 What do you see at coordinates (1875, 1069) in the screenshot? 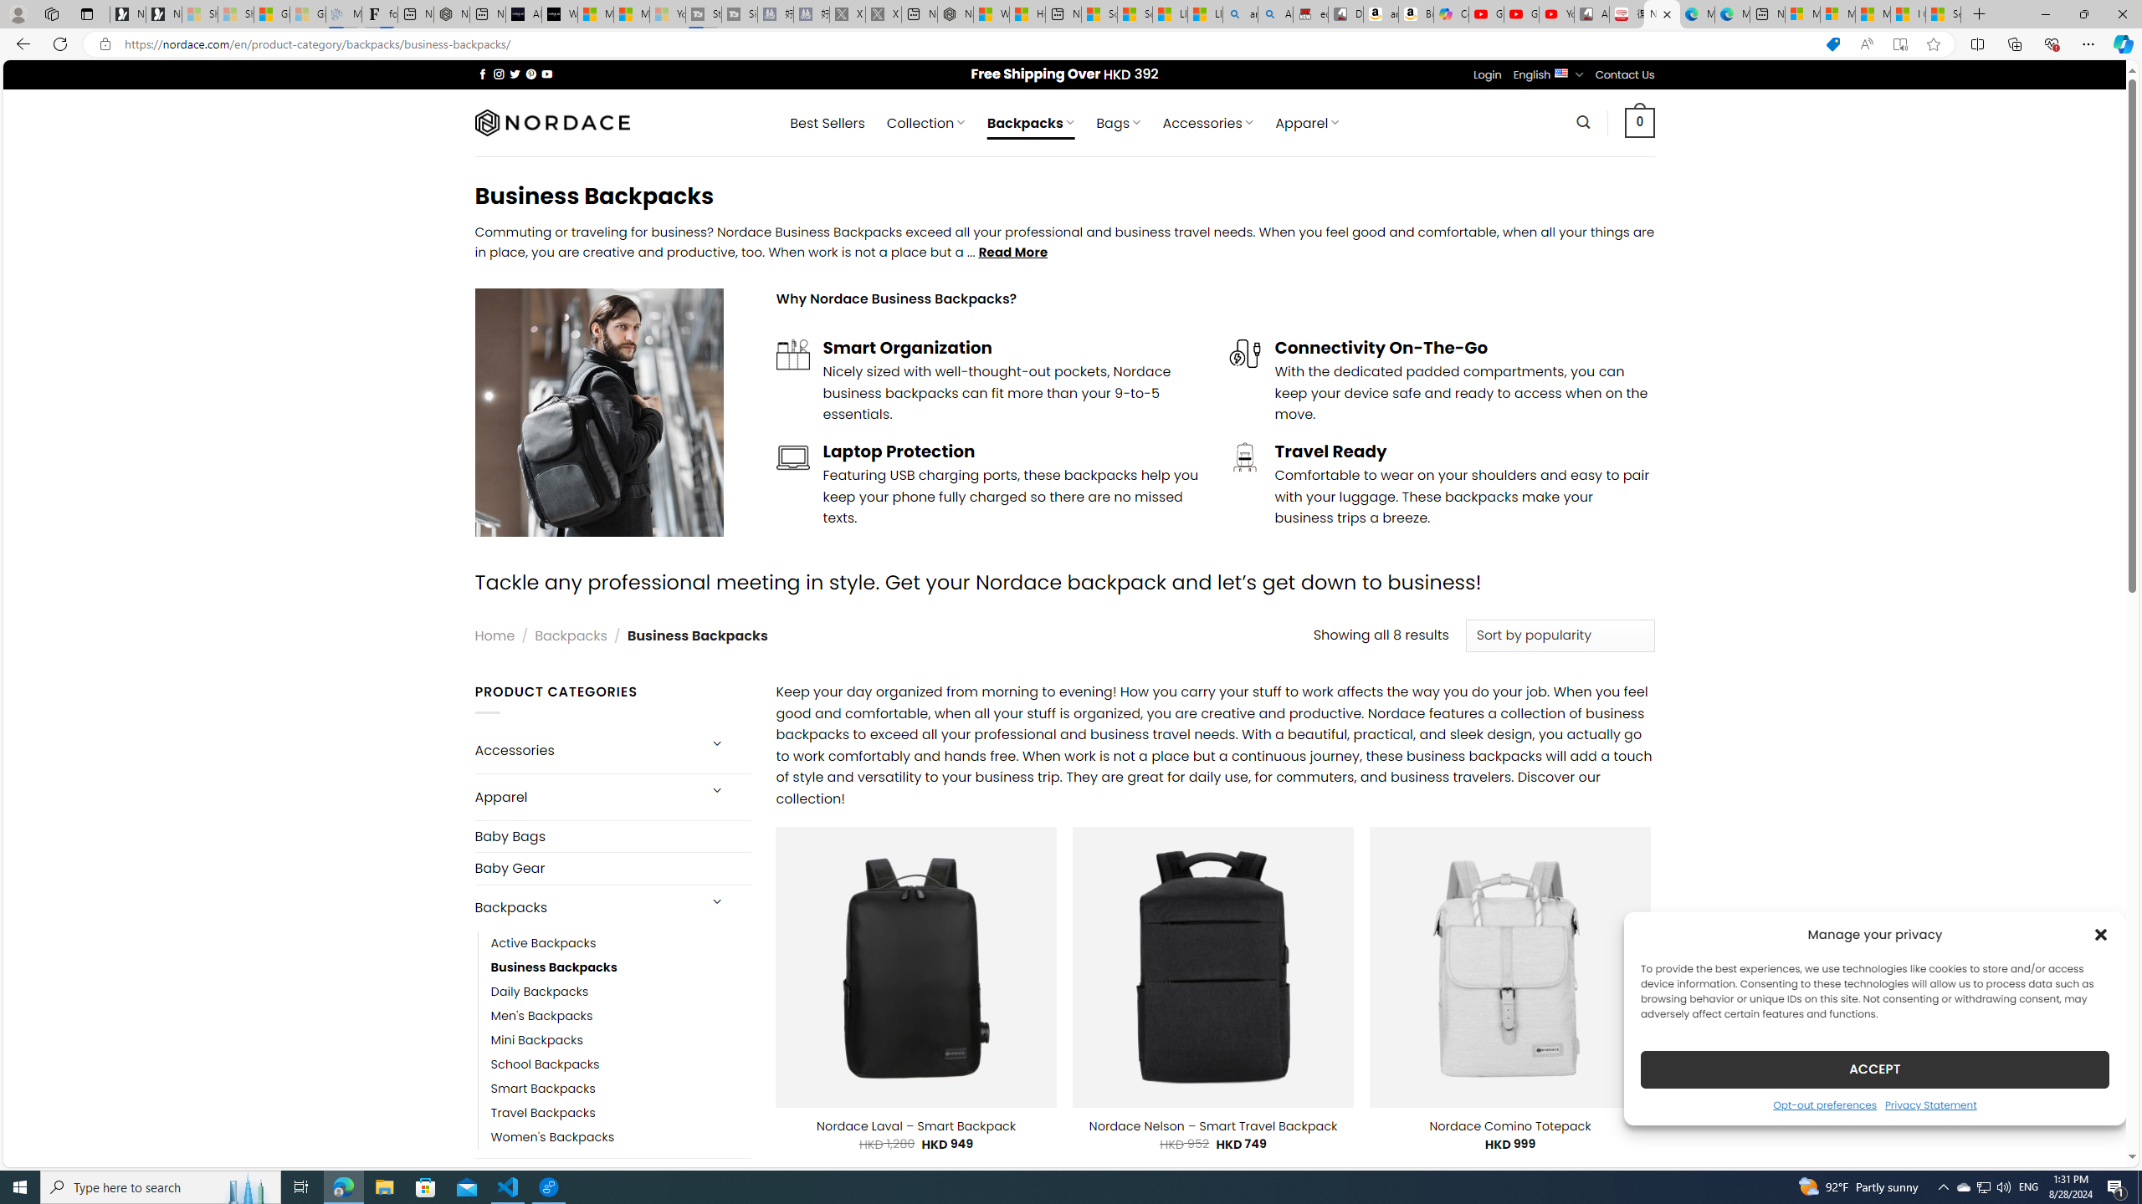
I see `'ACCEPT'` at bounding box center [1875, 1069].